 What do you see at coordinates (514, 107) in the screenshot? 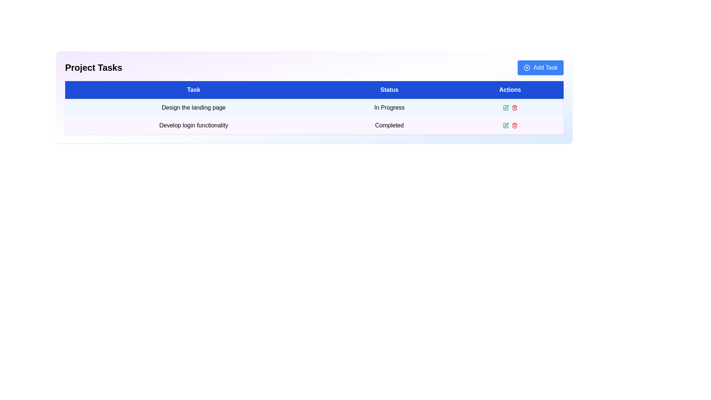
I see `the delete button (the third button from the left in the Actions column of the second row of the table)` at bounding box center [514, 107].